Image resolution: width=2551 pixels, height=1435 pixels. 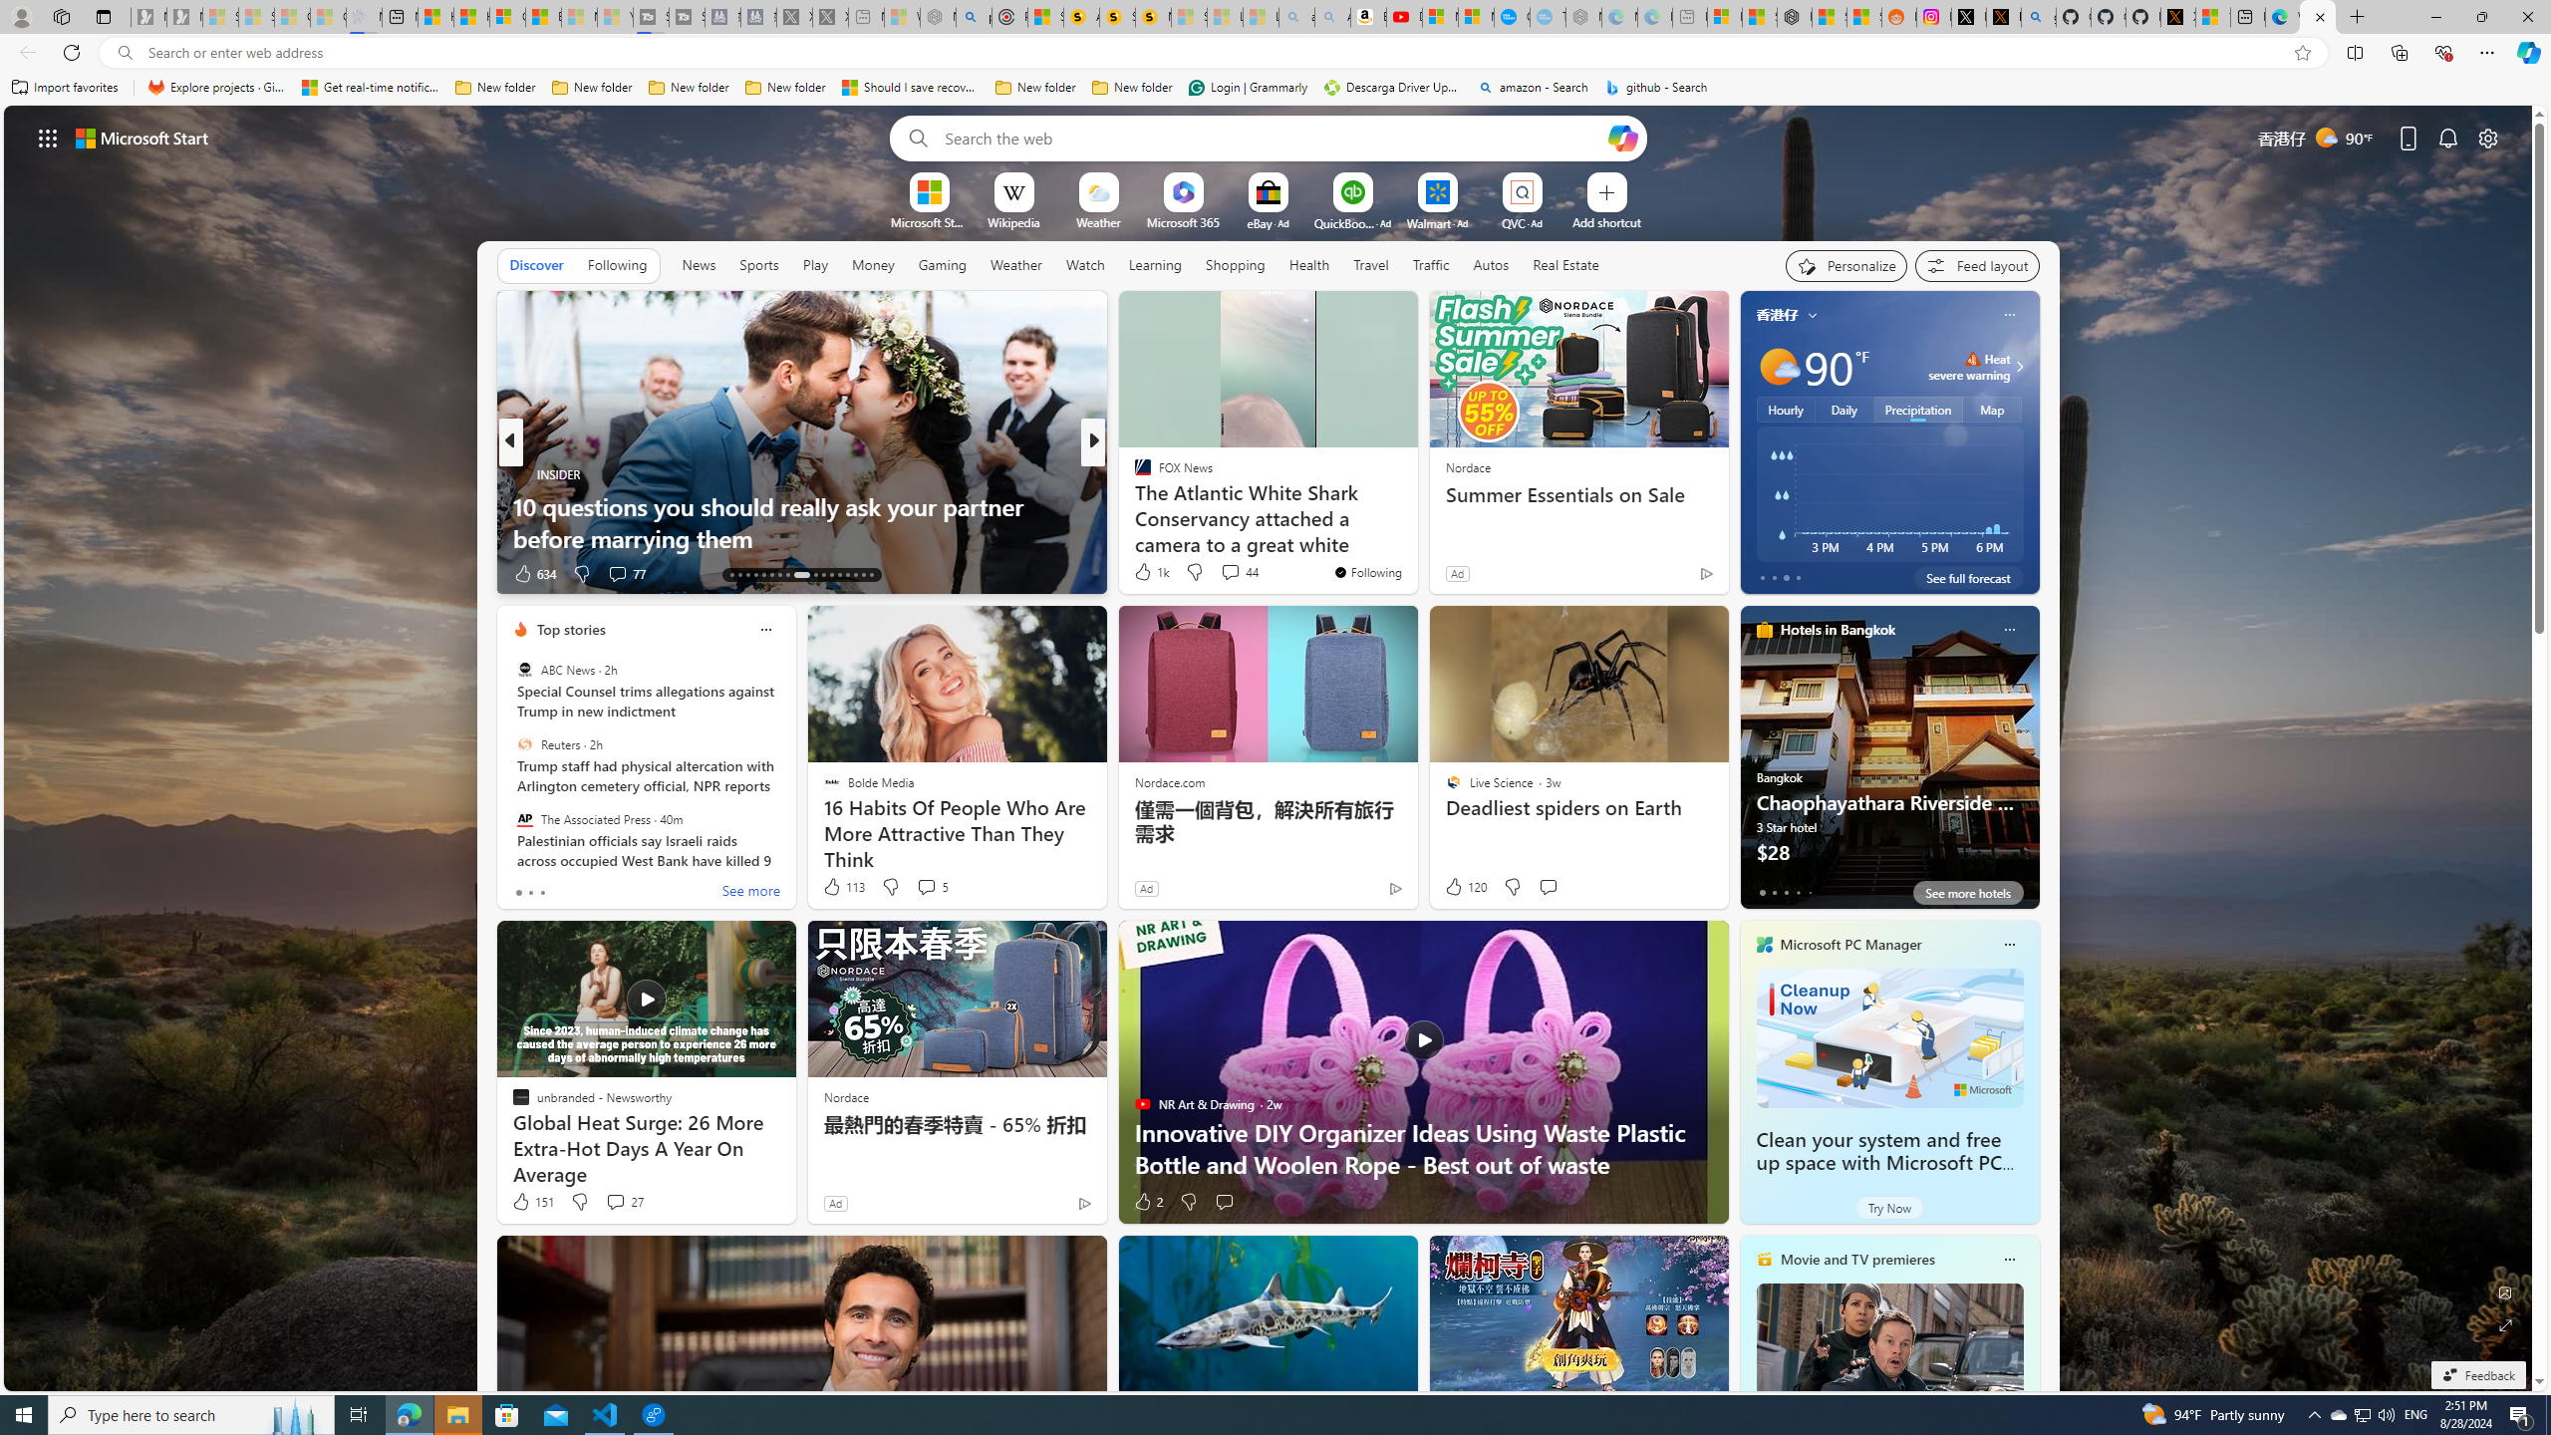 I want to click on 'Health', so click(x=1307, y=264).